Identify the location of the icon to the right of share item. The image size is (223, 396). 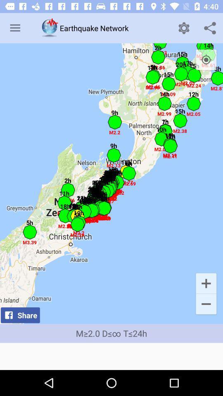
(206, 304).